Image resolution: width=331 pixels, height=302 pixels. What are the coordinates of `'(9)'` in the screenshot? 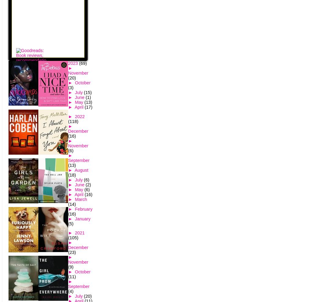 It's located at (70, 267).